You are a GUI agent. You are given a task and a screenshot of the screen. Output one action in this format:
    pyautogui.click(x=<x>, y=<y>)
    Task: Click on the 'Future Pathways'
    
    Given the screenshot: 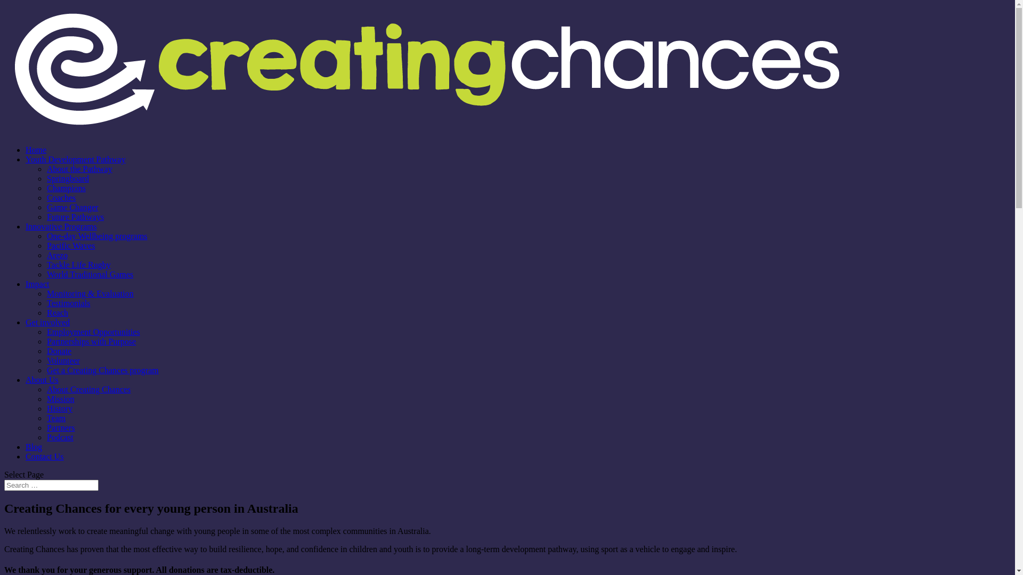 What is the action you would take?
    pyautogui.click(x=46, y=216)
    